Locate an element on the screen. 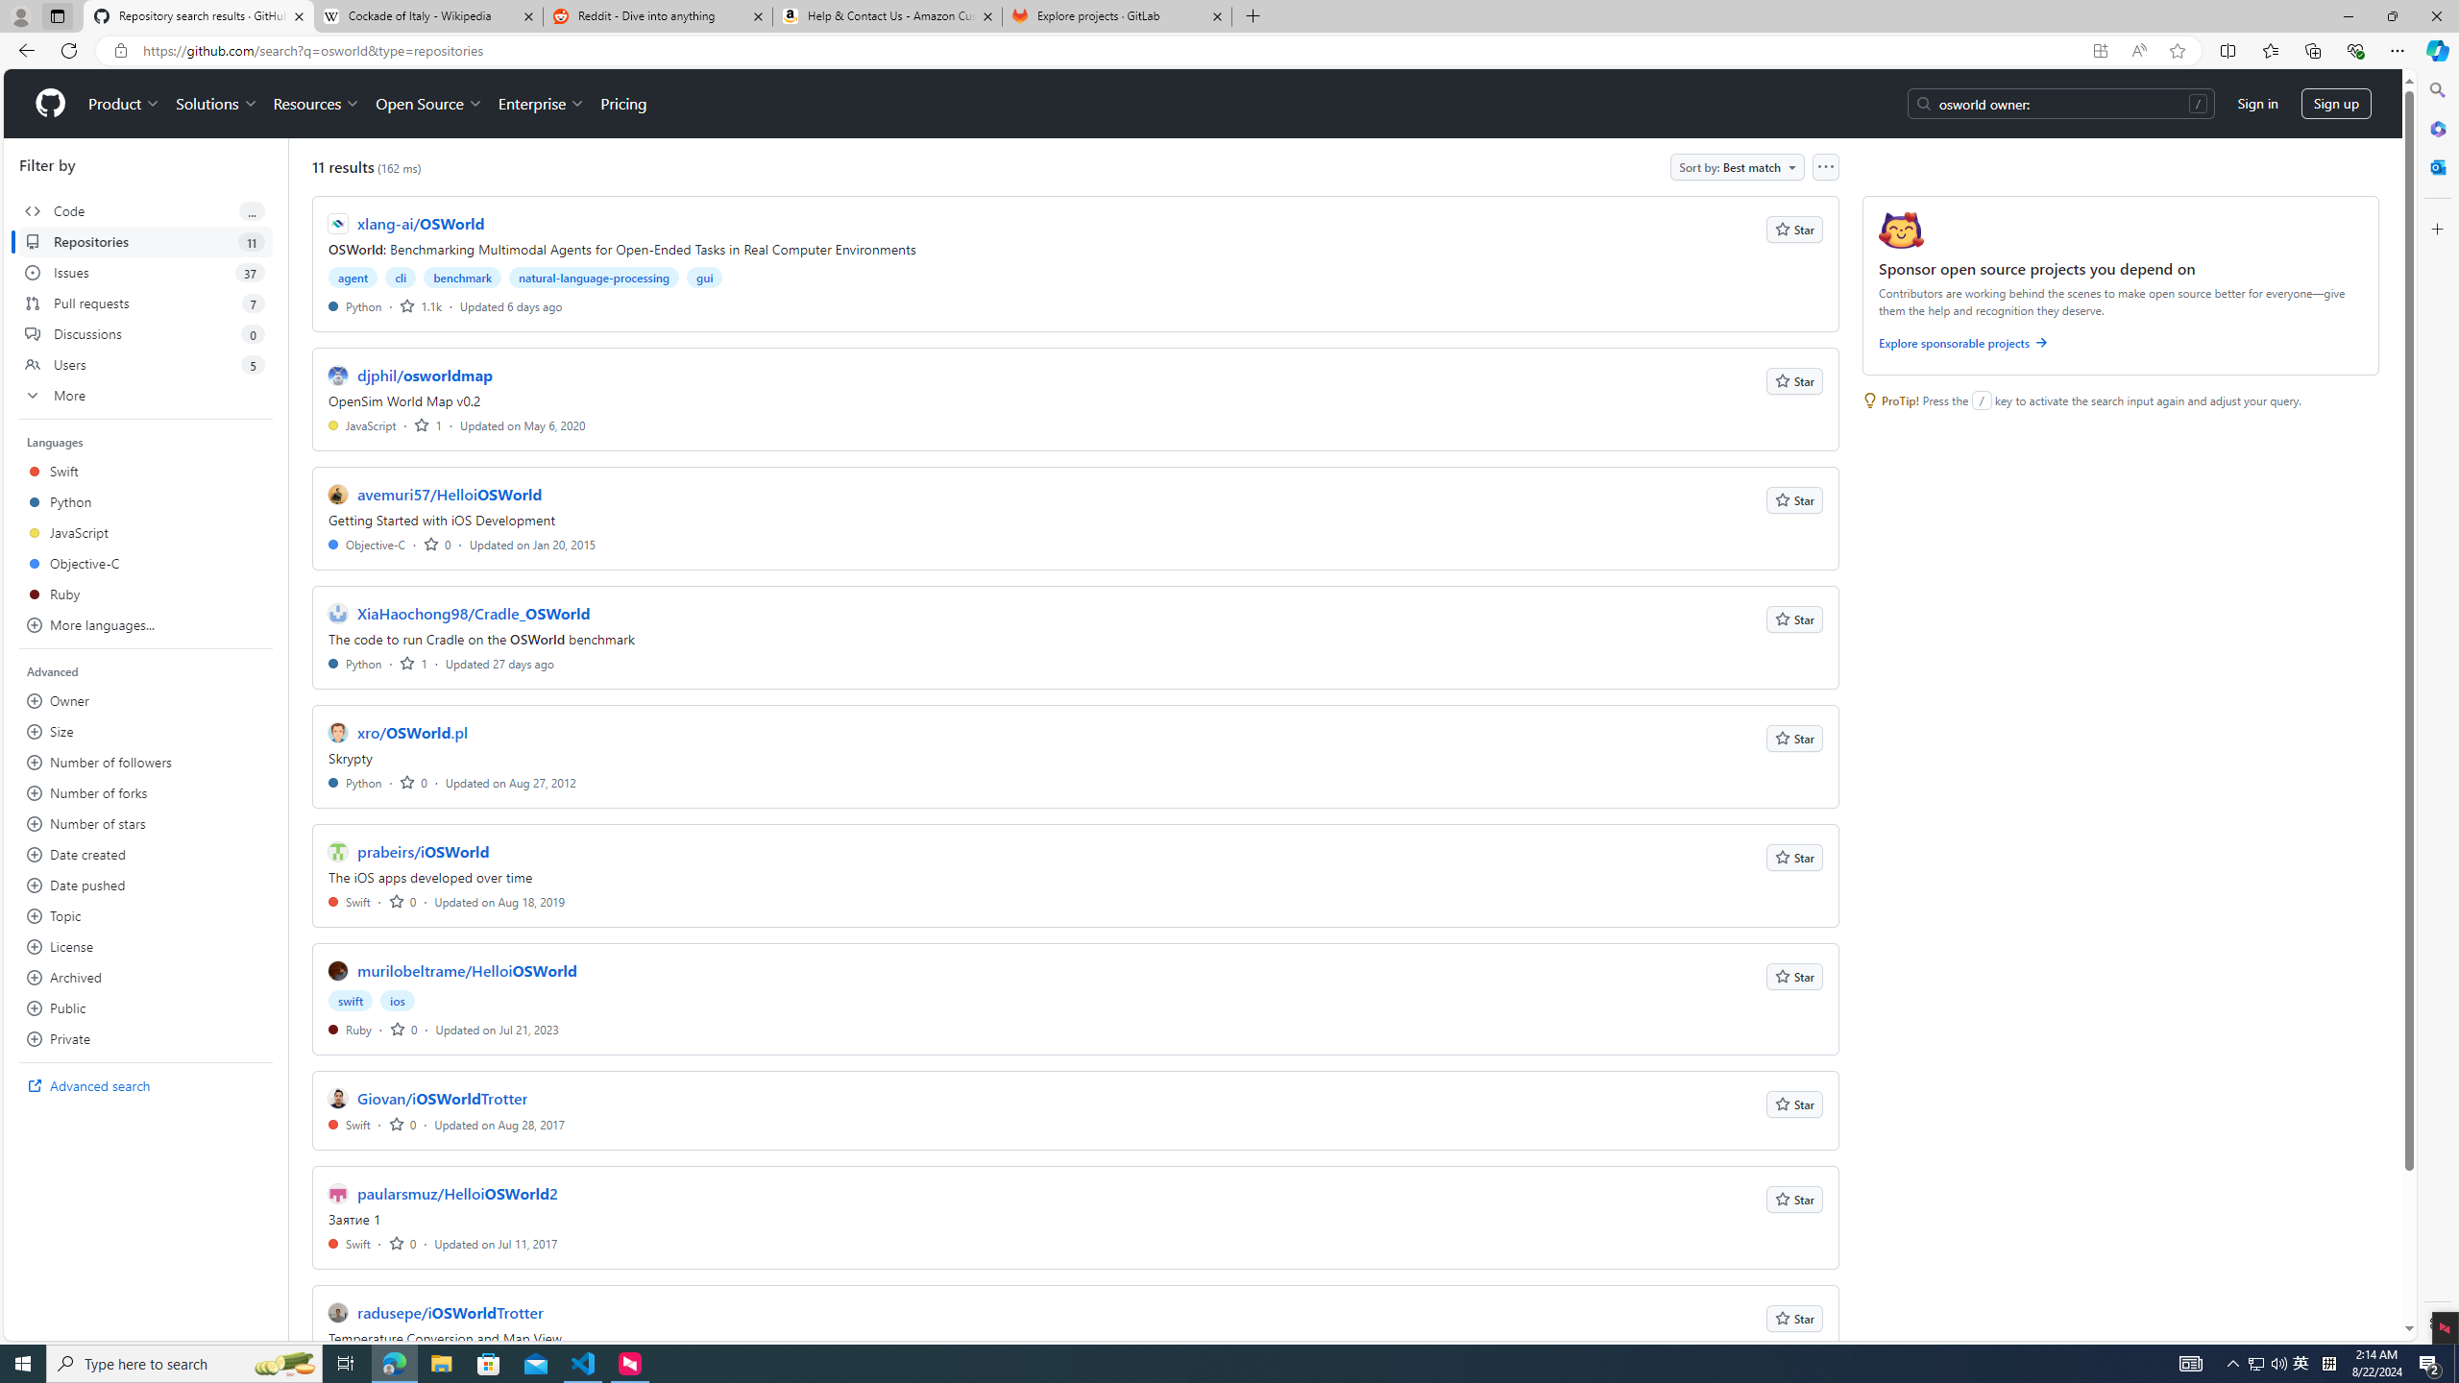  'natural-language-processing' is located at coordinates (595, 276).